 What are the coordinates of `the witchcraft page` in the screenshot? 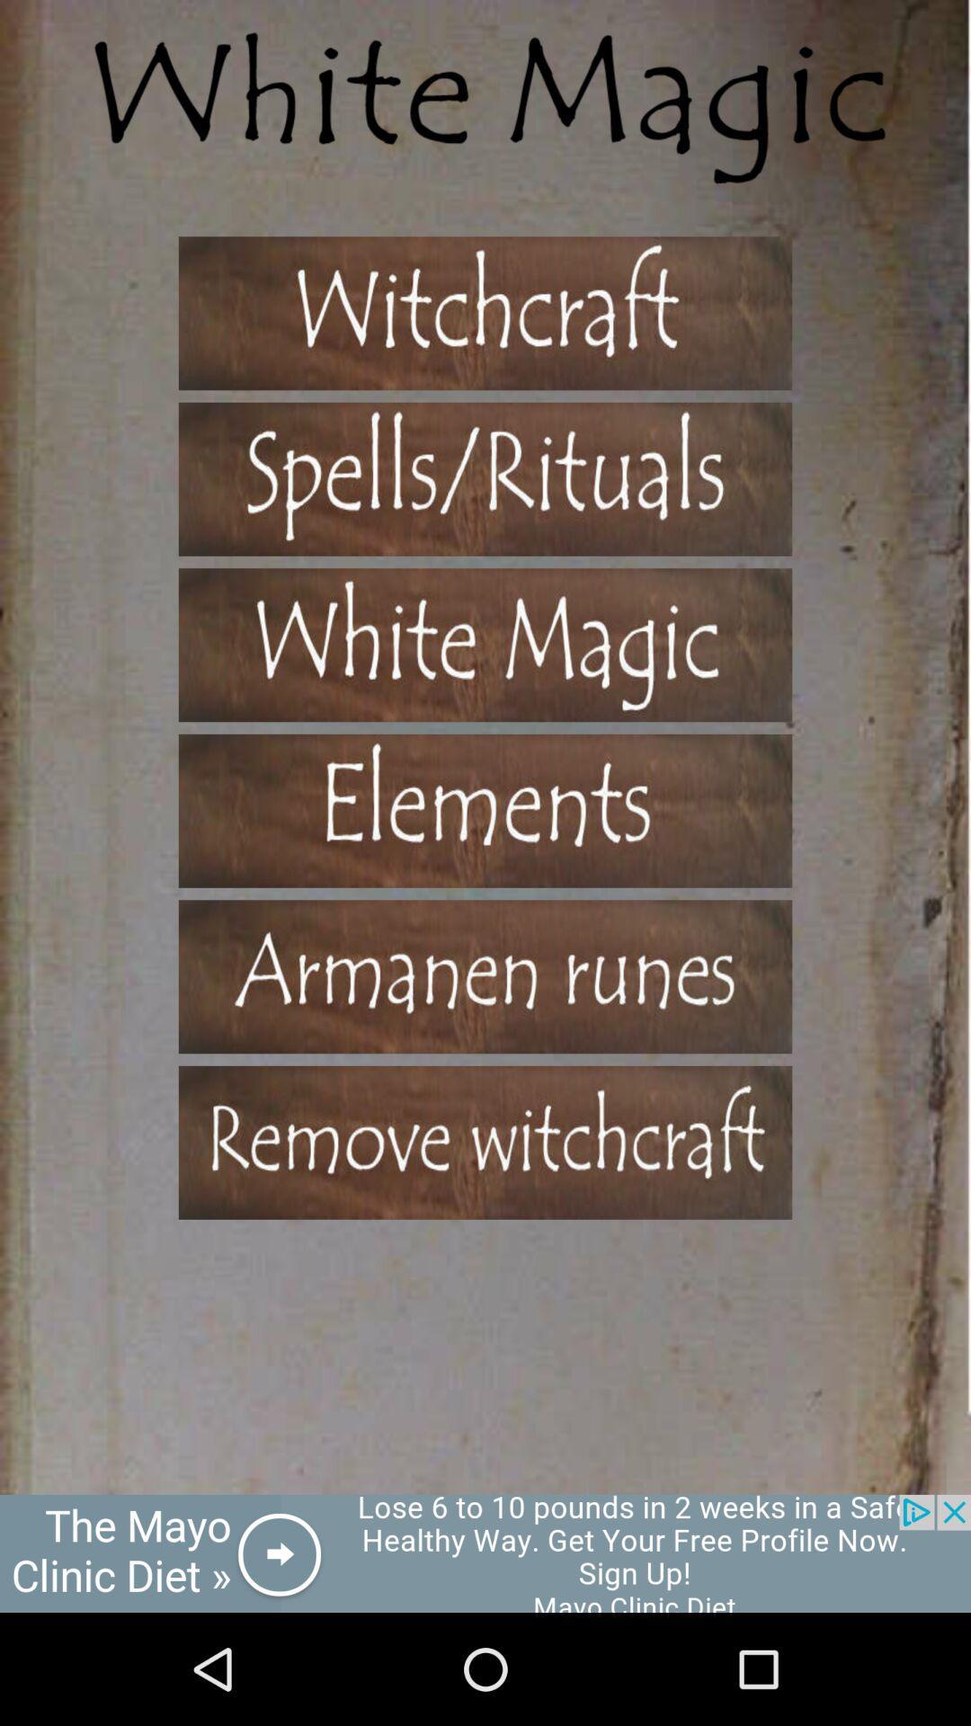 It's located at (485, 313).